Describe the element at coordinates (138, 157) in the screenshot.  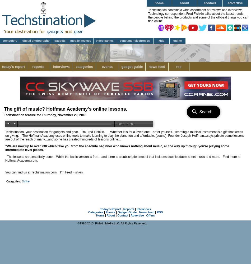
I see `'While the basic version is free…and there is a subscription model that includes downloadable sheet music and more.'` at that location.